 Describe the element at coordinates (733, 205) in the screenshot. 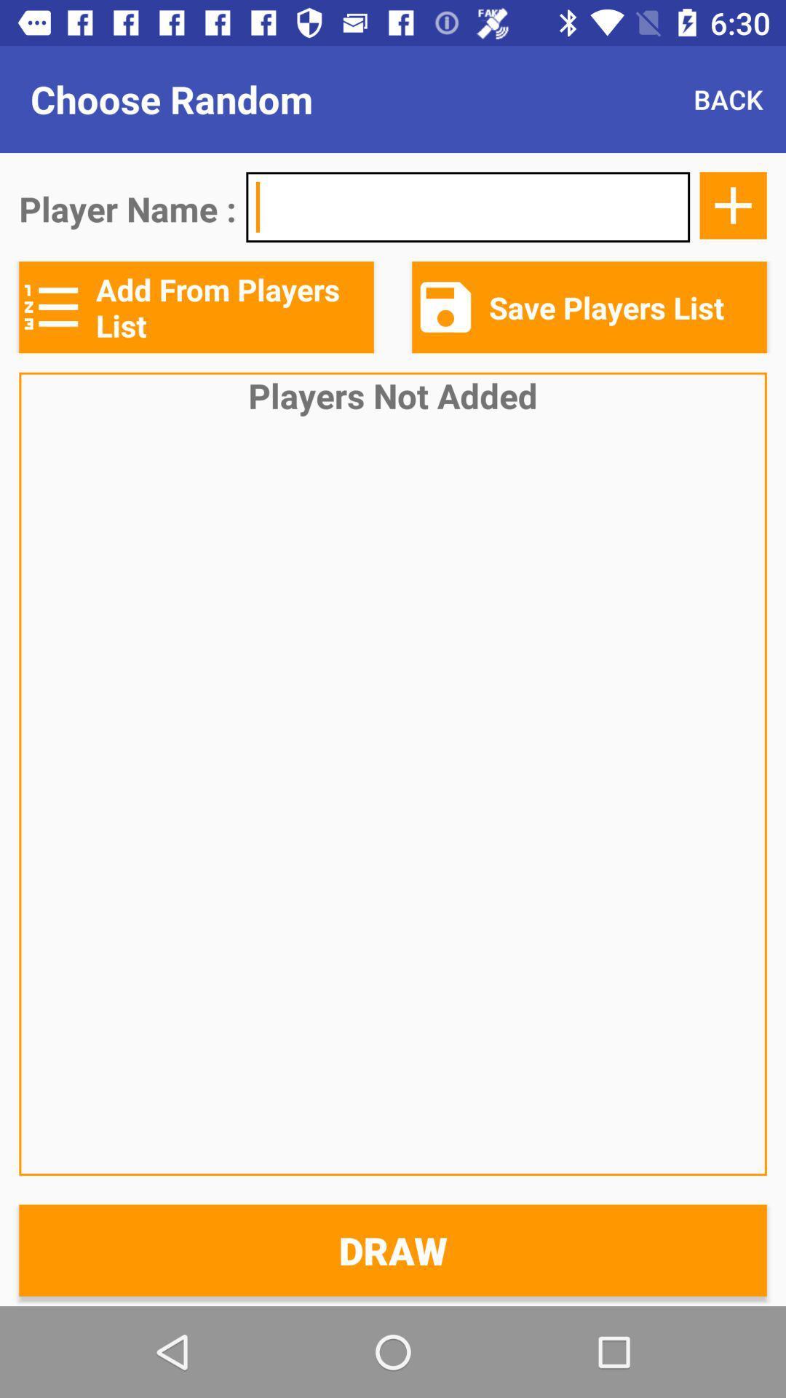

I see `increase` at that location.